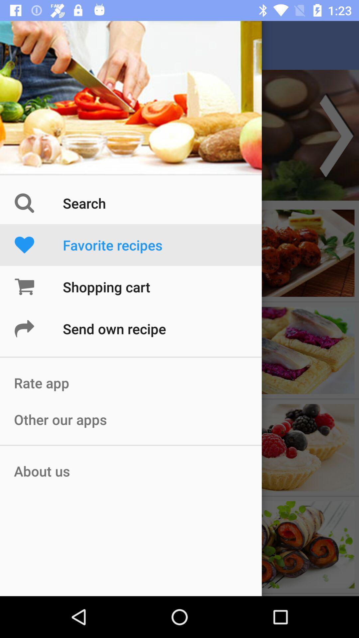 The width and height of the screenshot is (359, 638). I want to click on the icon beside the text favorite recipes, so click(38, 245).